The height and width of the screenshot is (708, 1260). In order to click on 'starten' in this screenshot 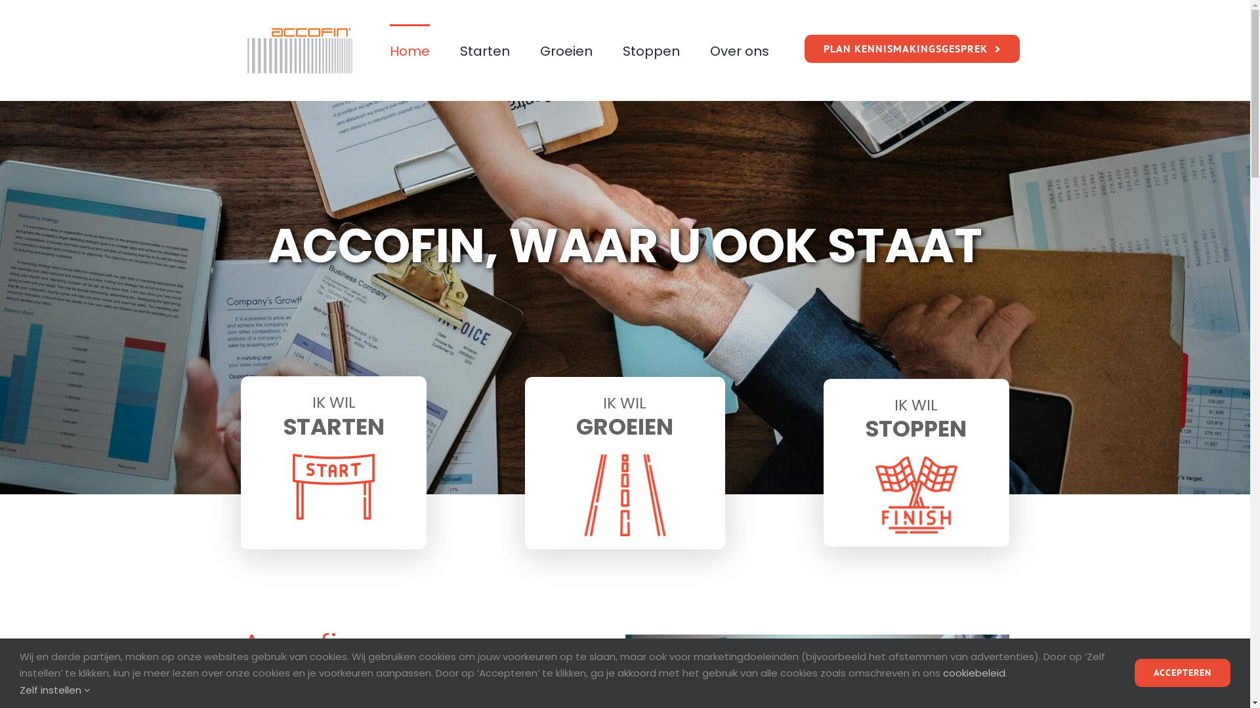, I will do `click(292, 486)`.